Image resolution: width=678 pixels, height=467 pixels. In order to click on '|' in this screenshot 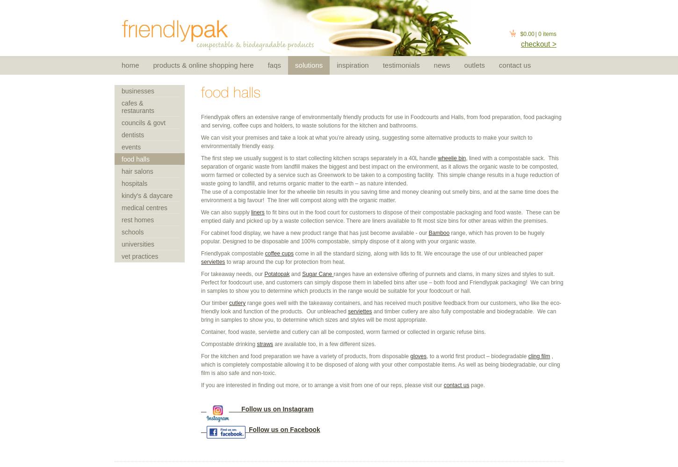, I will do `click(536, 34)`.